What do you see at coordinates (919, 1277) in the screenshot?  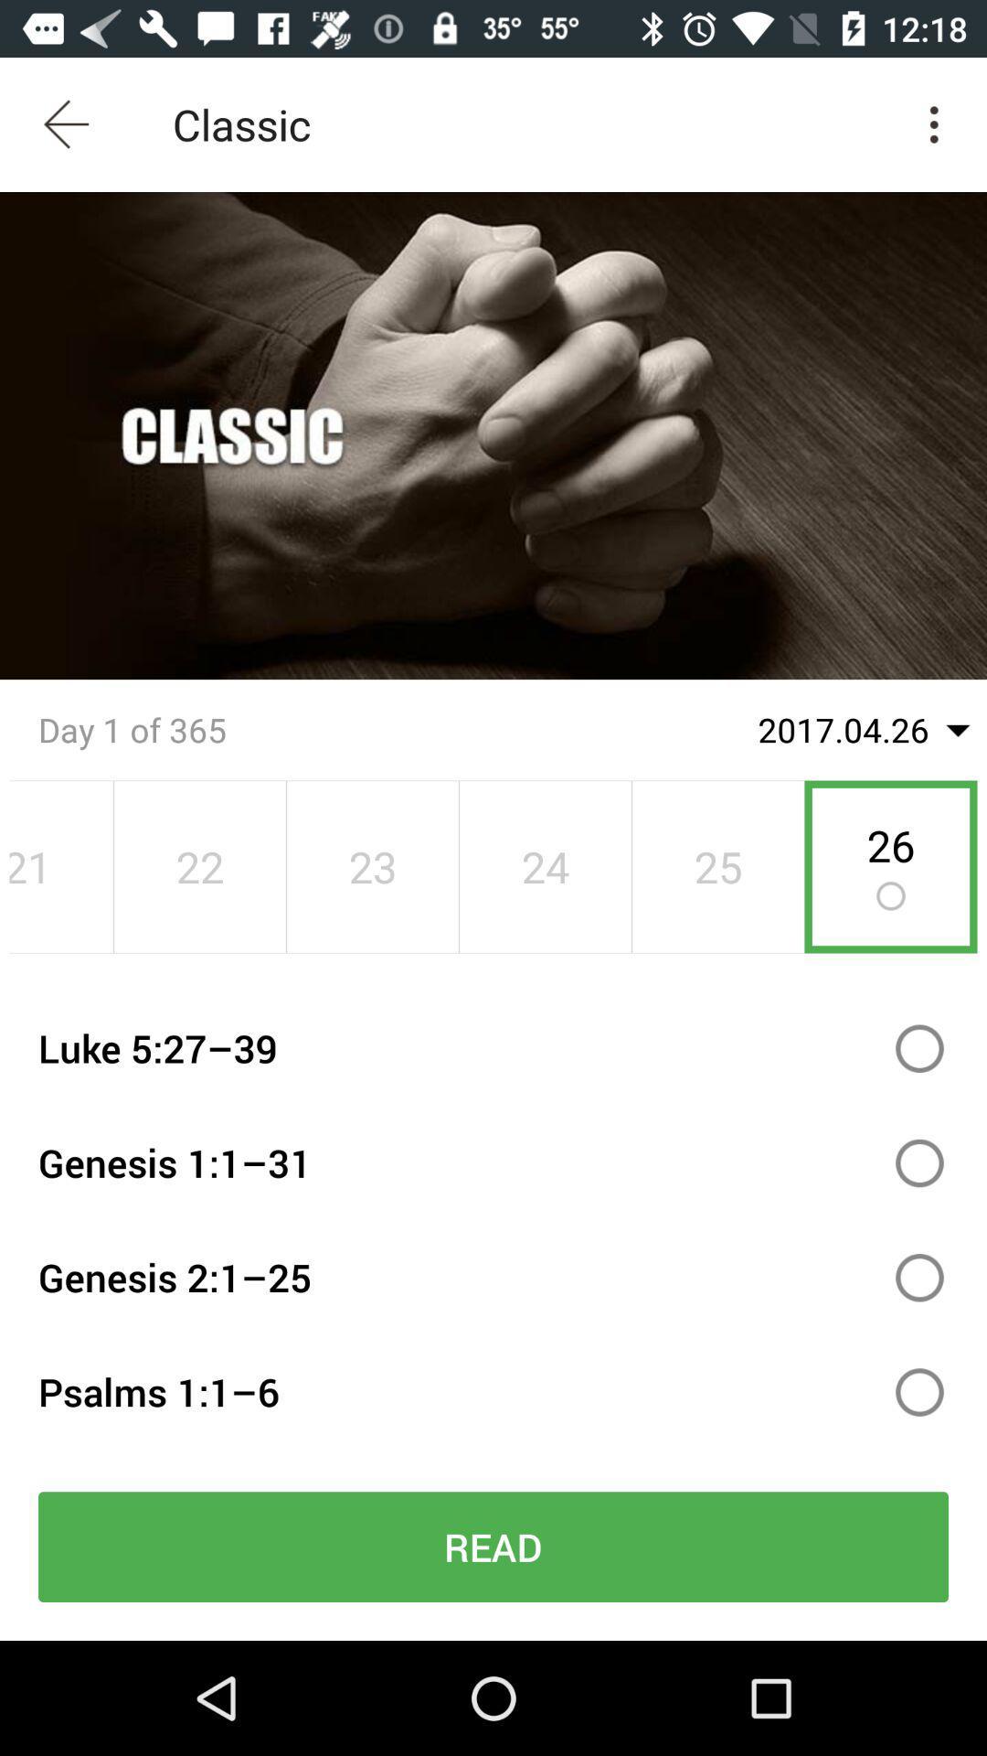 I see `check genesis 2:1-25` at bounding box center [919, 1277].